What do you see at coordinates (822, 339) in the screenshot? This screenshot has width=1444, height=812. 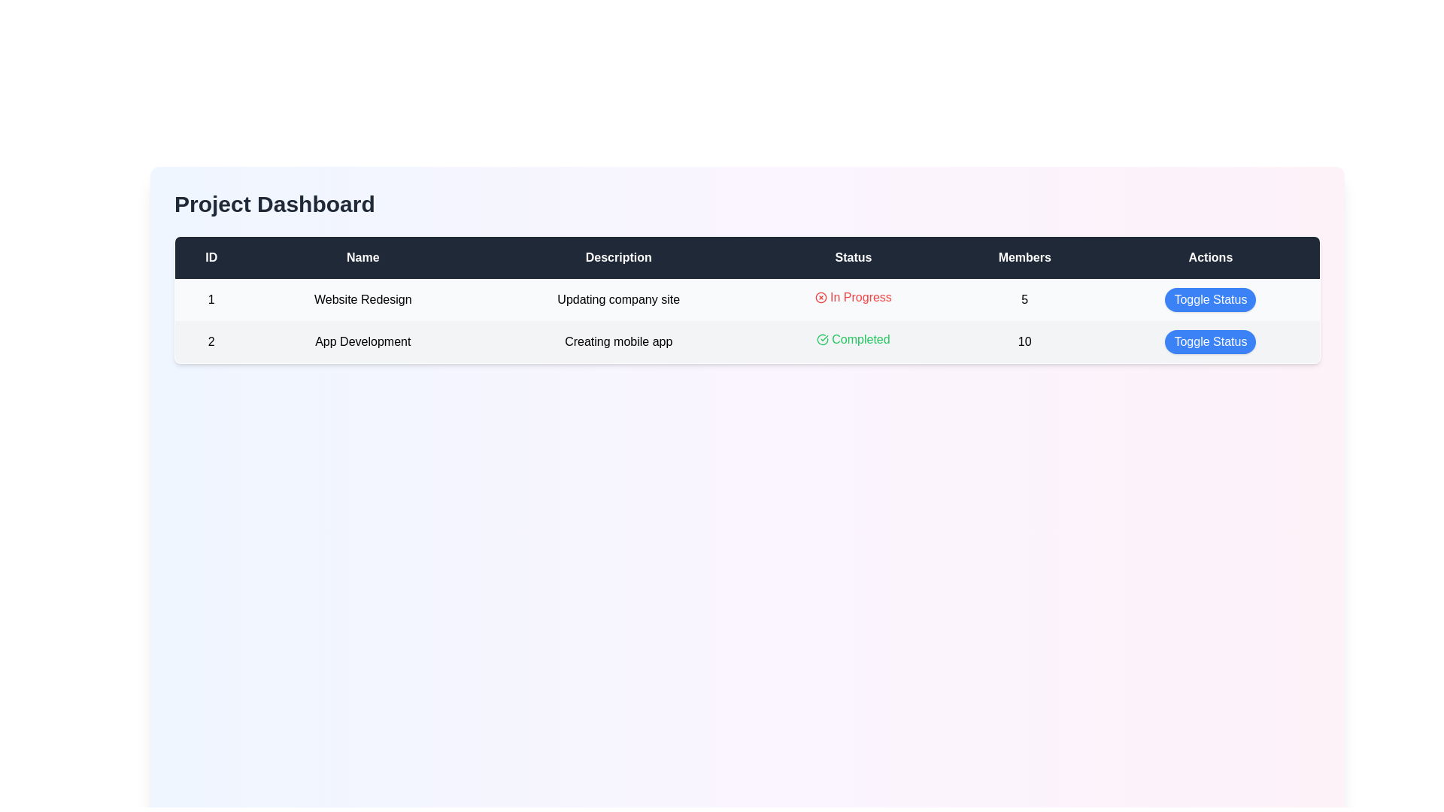 I see `the 'Completed' status icon located in the second row under the 'Status' column of the table, which visually indicates the completion status of the associated project` at bounding box center [822, 339].